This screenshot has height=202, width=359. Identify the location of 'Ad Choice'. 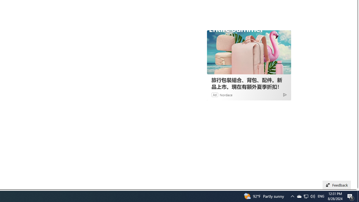
(285, 94).